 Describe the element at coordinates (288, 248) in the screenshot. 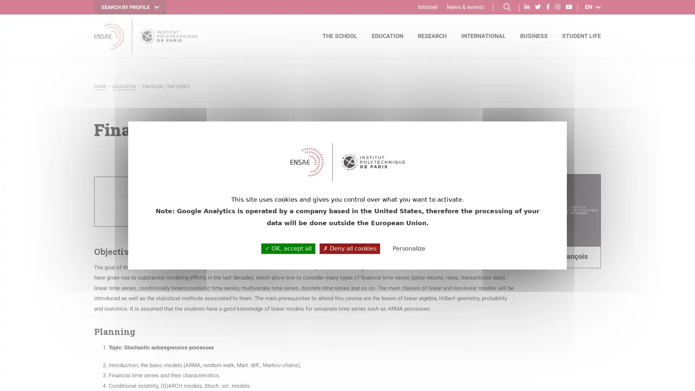

I see `OK, accept all` at that location.